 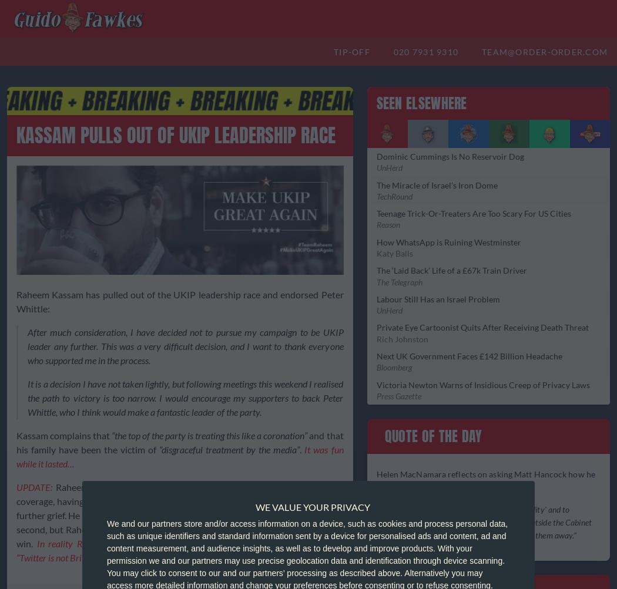 What do you see at coordinates (393, 367) in the screenshot?
I see `'Bloomberg'` at bounding box center [393, 367].